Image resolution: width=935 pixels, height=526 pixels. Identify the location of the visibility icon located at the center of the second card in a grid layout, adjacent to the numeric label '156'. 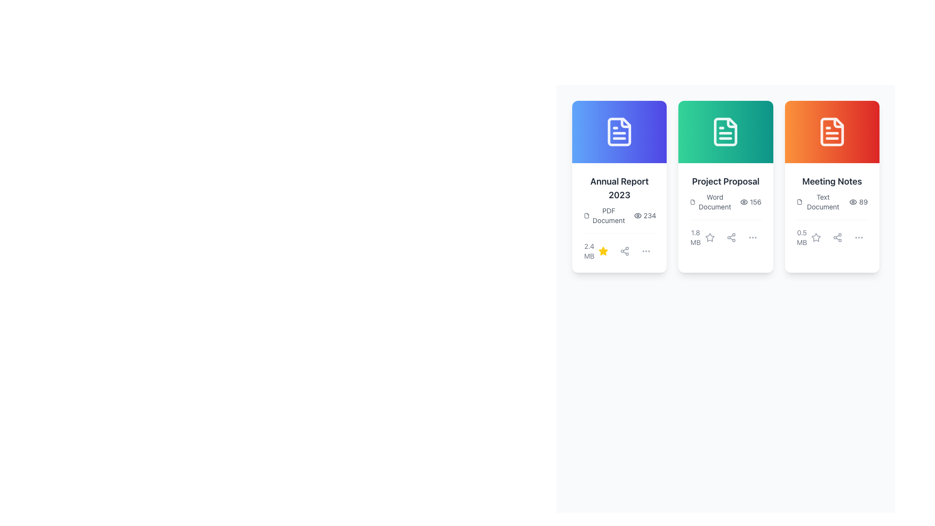
(743, 202).